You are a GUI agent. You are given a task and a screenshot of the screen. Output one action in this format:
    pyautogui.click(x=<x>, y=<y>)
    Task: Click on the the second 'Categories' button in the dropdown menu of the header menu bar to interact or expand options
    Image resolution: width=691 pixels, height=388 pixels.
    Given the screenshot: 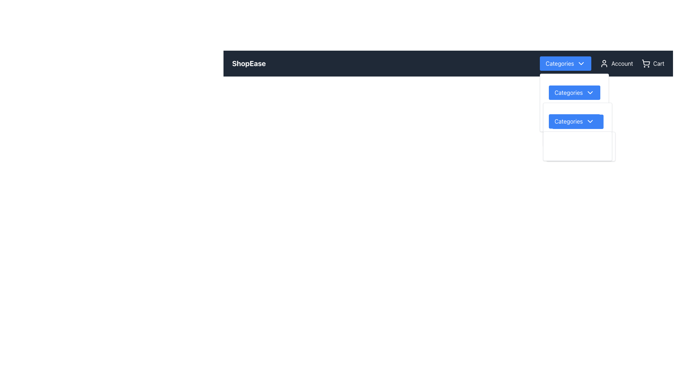 What is the action you would take?
    pyautogui.click(x=574, y=92)
    